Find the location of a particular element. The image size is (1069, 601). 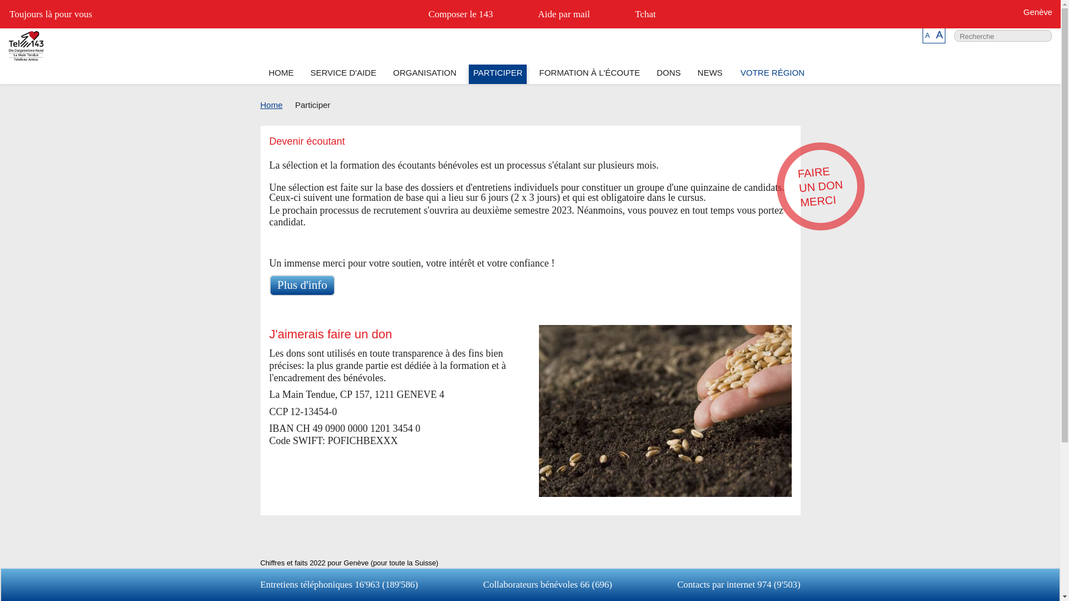

'SERVICE D'AIDE' is located at coordinates (342, 74).